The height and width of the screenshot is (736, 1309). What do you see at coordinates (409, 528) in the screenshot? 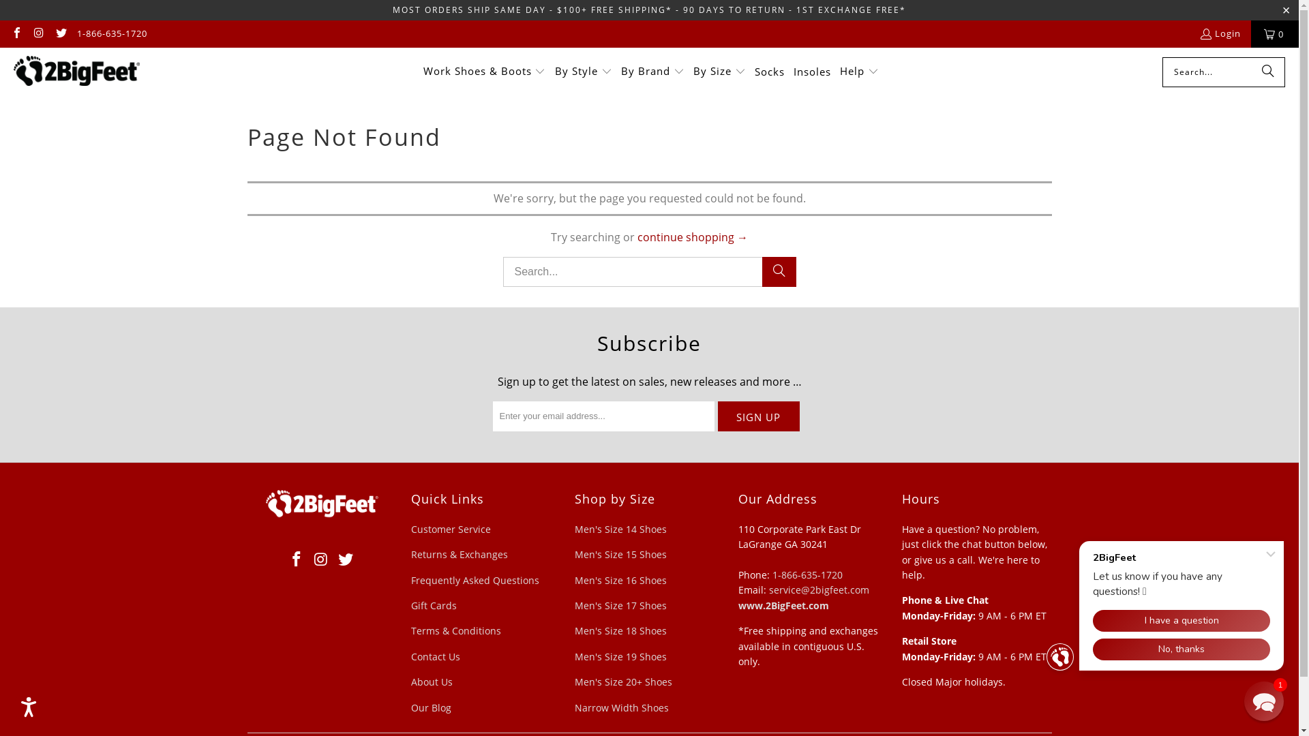
I see `'Customer Service'` at bounding box center [409, 528].